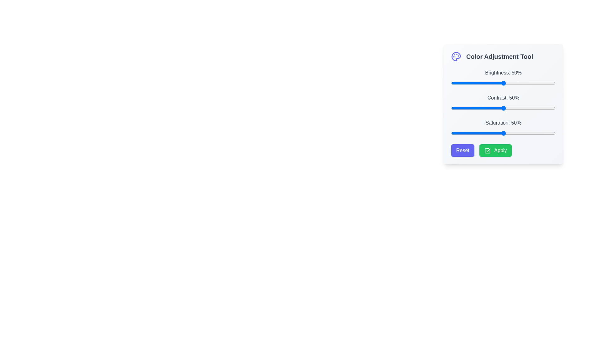 This screenshot has width=602, height=338. Describe the element at coordinates (536, 108) in the screenshot. I see `contrast of the image` at that location.